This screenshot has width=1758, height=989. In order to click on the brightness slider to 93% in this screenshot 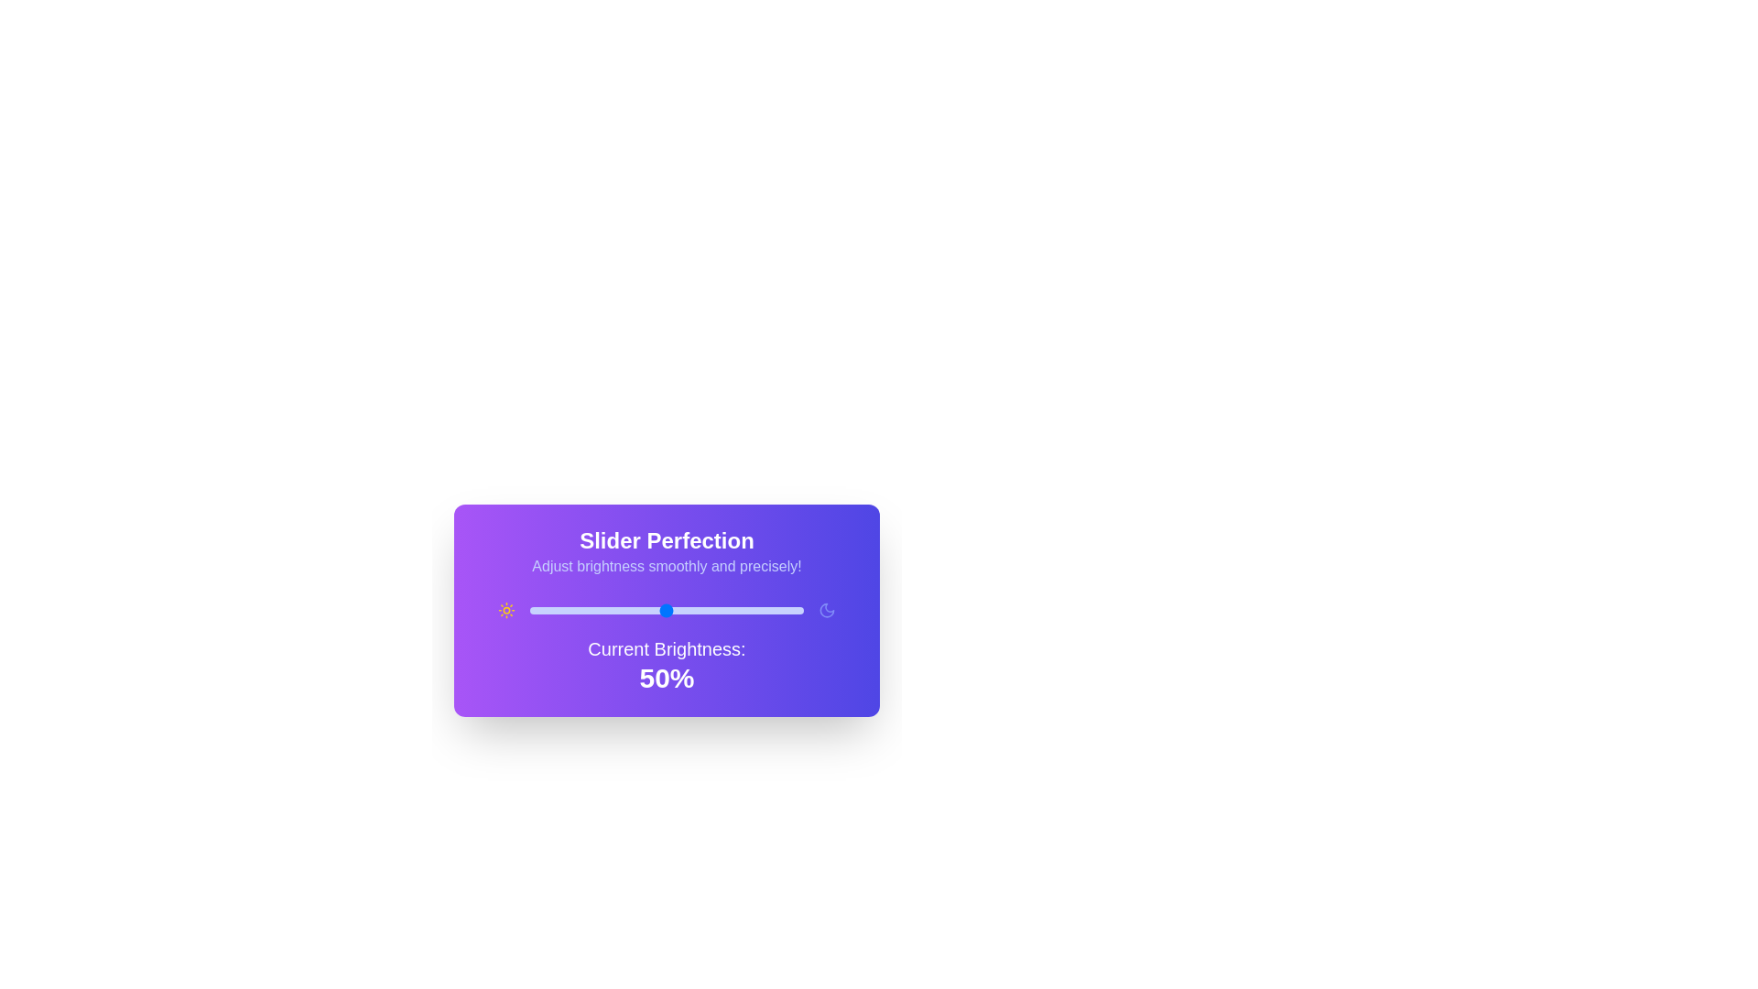, I will do `click(784, 611)`.